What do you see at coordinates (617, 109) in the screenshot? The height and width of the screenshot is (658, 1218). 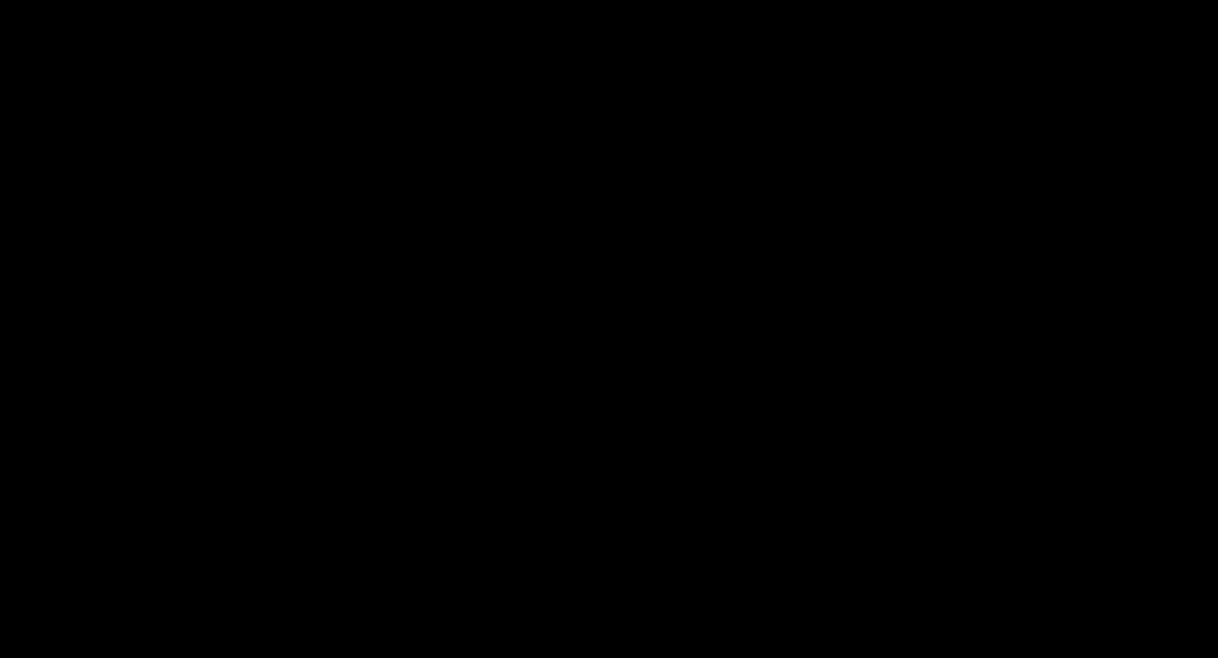 I see `'June 2007) …And now, thanks to my friend Sophie (who got me up there), here are some pics I took of what the view from the top of Centre Point Tower looks like! We couldn't actually sit on the roof like Charlie and Jack do in'` at bounding box center [617, 109].